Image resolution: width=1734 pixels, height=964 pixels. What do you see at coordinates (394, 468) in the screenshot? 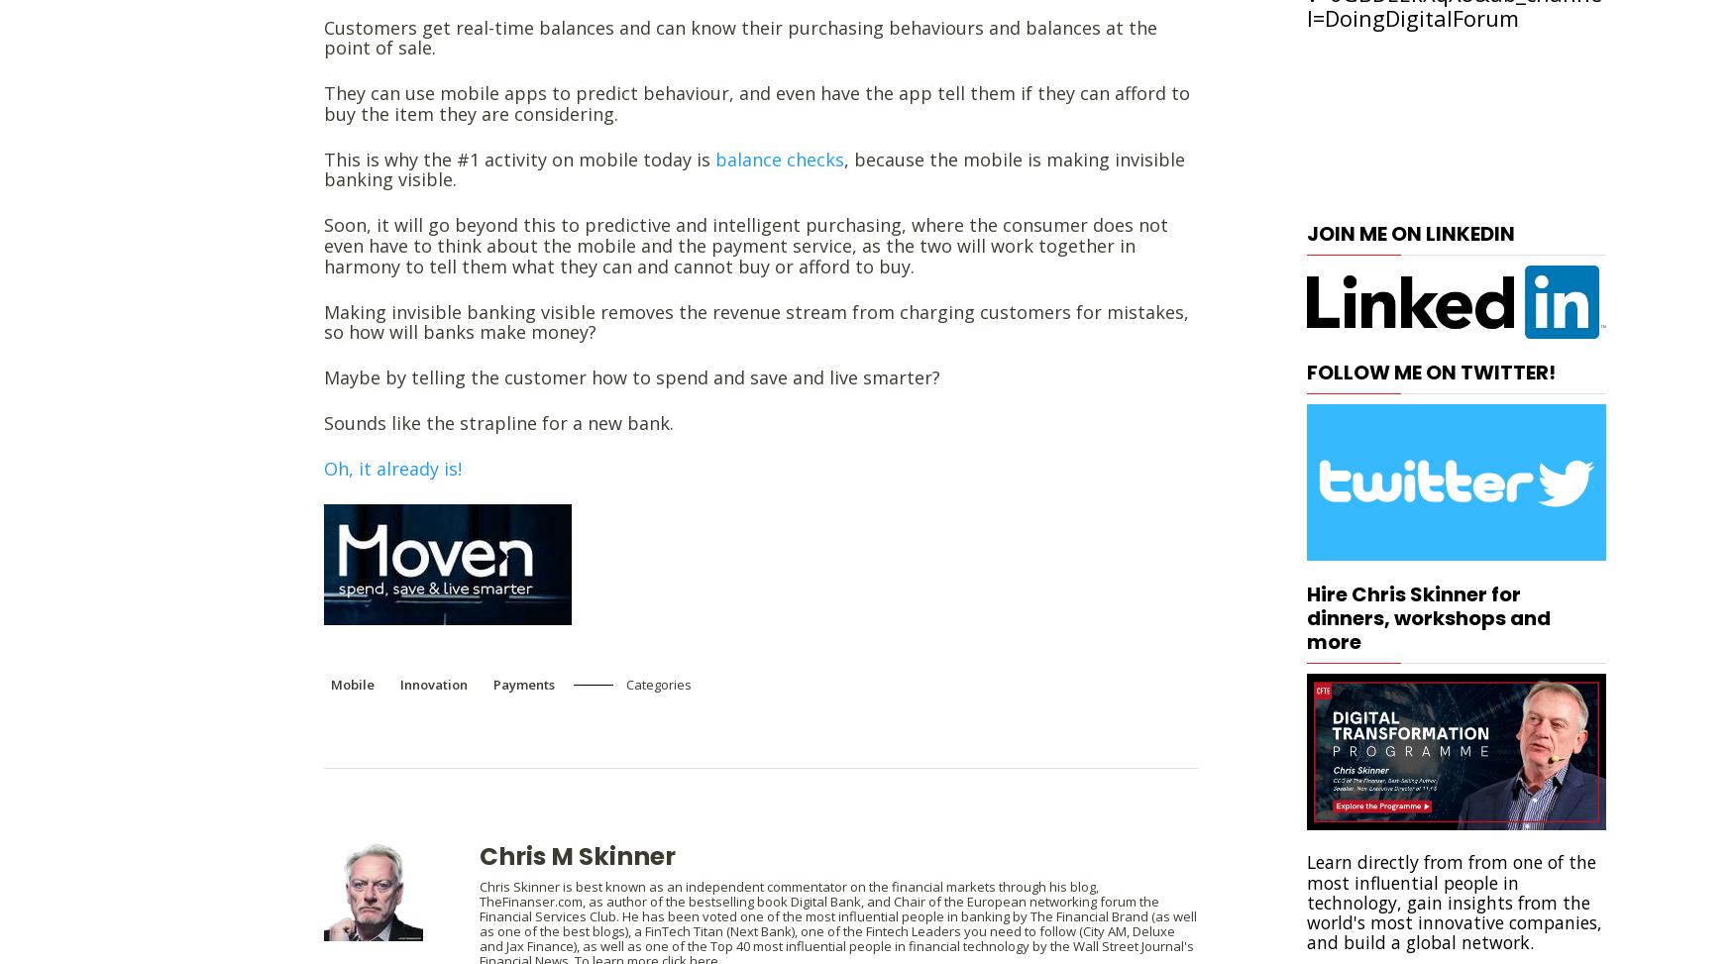
I see `'Oh, it already is!'` at bounding box center [394, 468].